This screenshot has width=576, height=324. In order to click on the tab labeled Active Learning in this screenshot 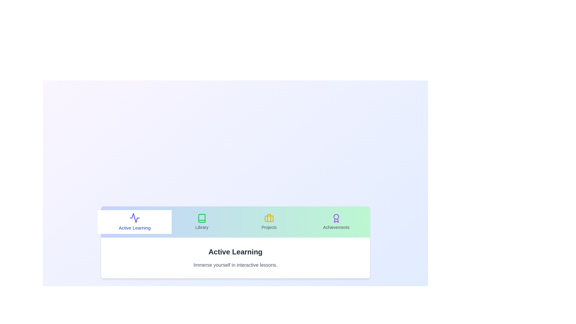, I will do `click(134, 222)`.